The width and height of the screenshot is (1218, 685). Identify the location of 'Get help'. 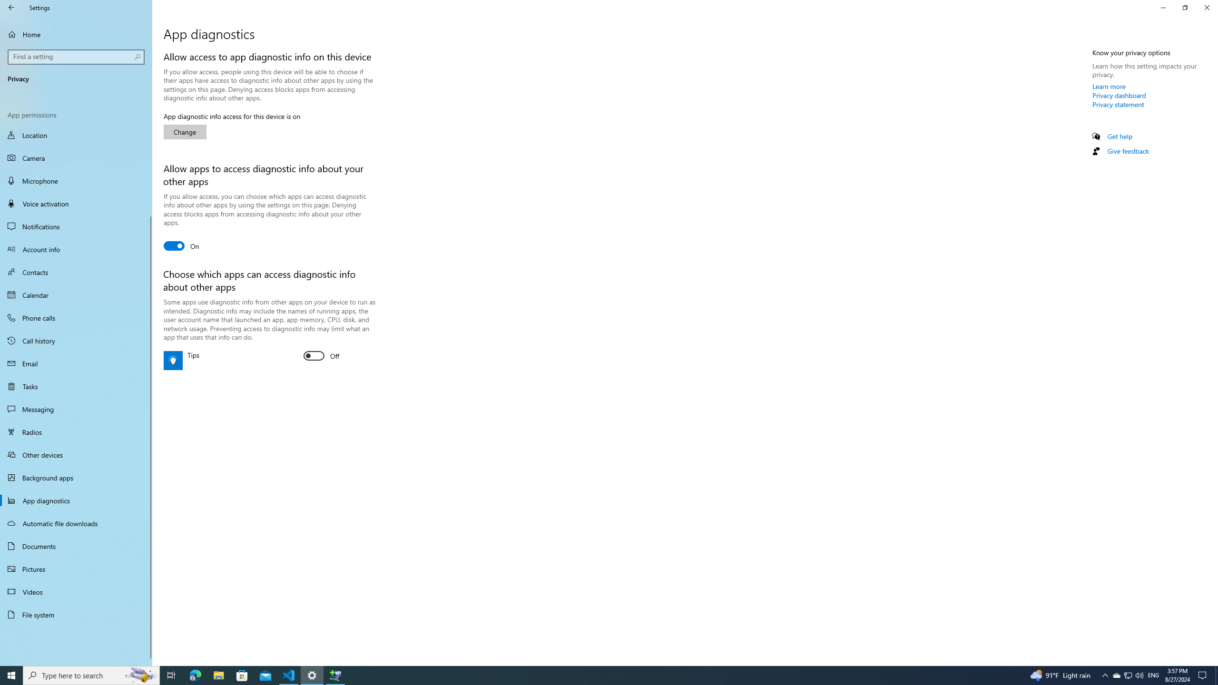
(1119, 136).